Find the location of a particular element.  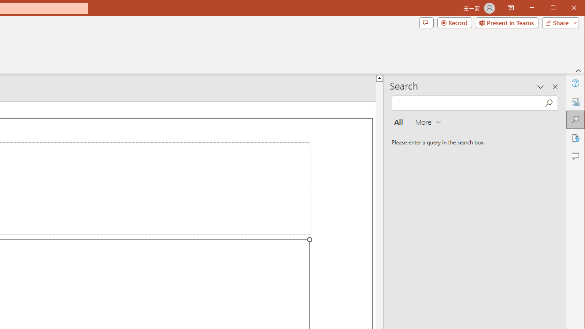

'Comments' is located at coordinates (425, 22).